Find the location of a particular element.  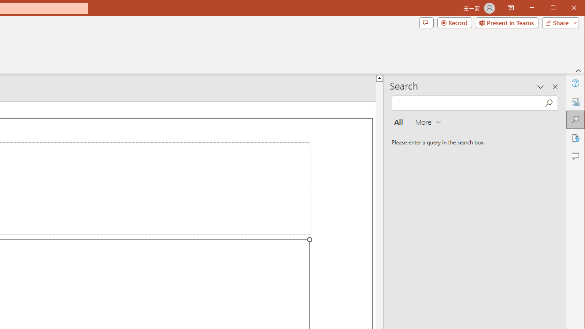

'Comments' is located at coordinates (425, 22).